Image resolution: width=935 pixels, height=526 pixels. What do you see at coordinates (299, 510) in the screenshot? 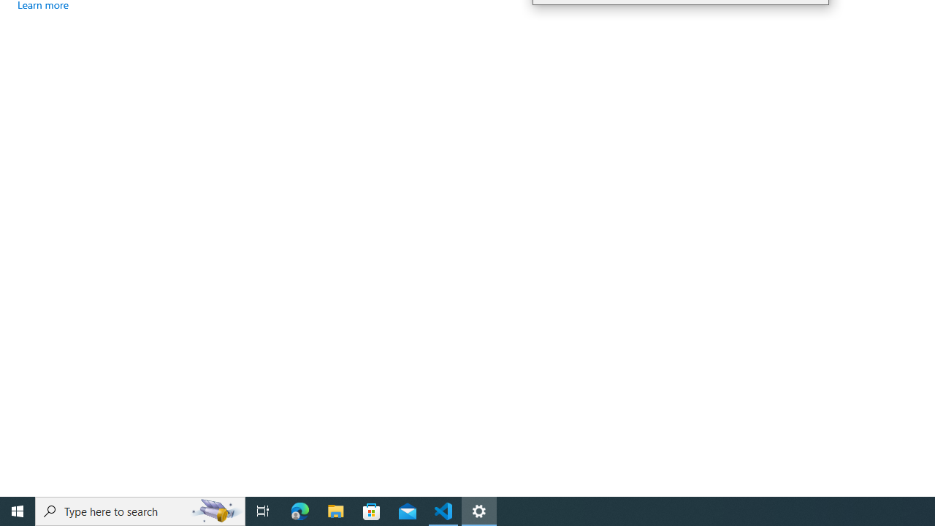
I see `'Microsoft Edge'` at bounding box center [299, 510].